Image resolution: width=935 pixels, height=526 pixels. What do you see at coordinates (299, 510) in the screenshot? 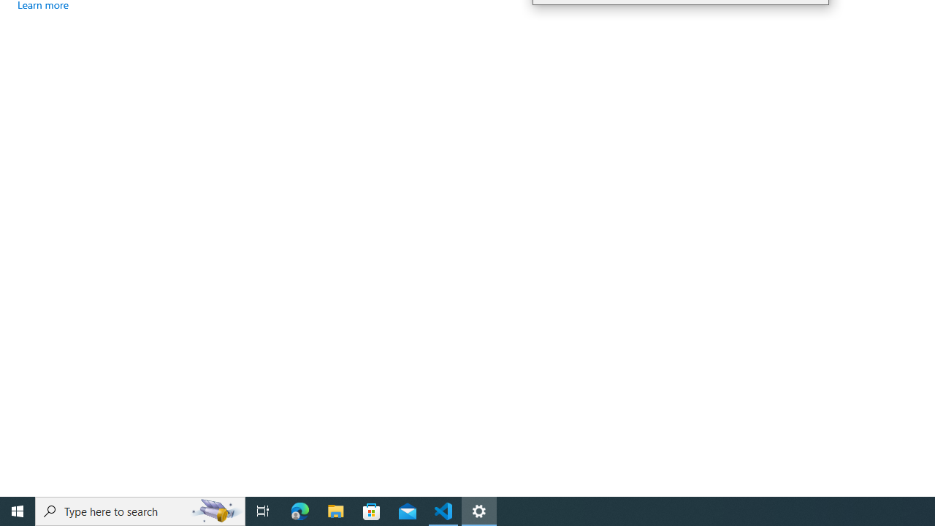
I see `'Microsoft Edge'` at bounding box center [299, 510].